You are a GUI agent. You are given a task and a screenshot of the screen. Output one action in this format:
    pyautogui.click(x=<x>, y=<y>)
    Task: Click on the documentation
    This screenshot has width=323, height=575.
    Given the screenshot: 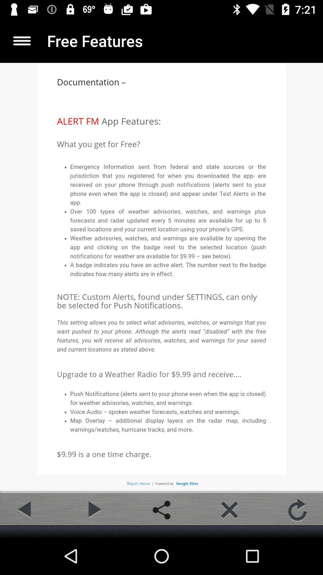 What is the action you would take?
    pyautogui.click(x=22, y=40)
    